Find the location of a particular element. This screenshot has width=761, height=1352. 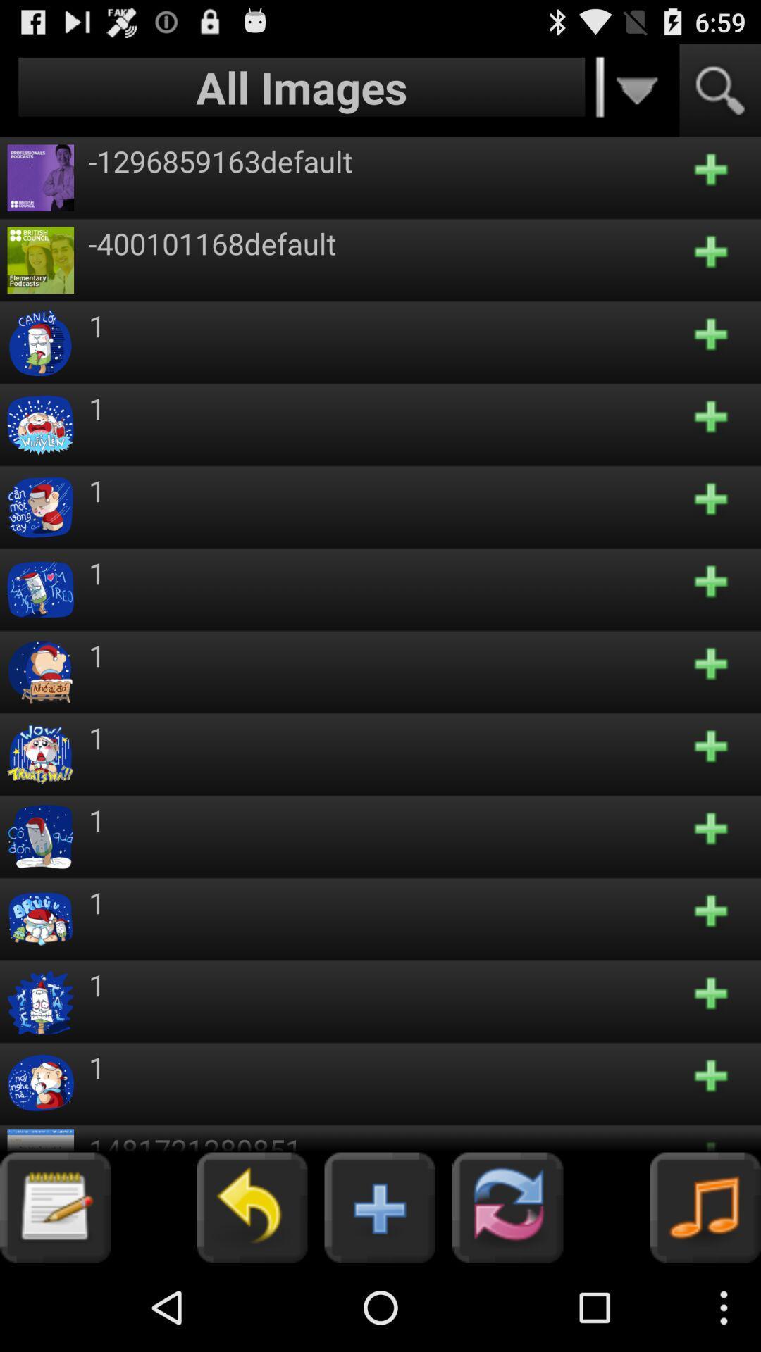

the add icon is located at coordinates (379, 1292).